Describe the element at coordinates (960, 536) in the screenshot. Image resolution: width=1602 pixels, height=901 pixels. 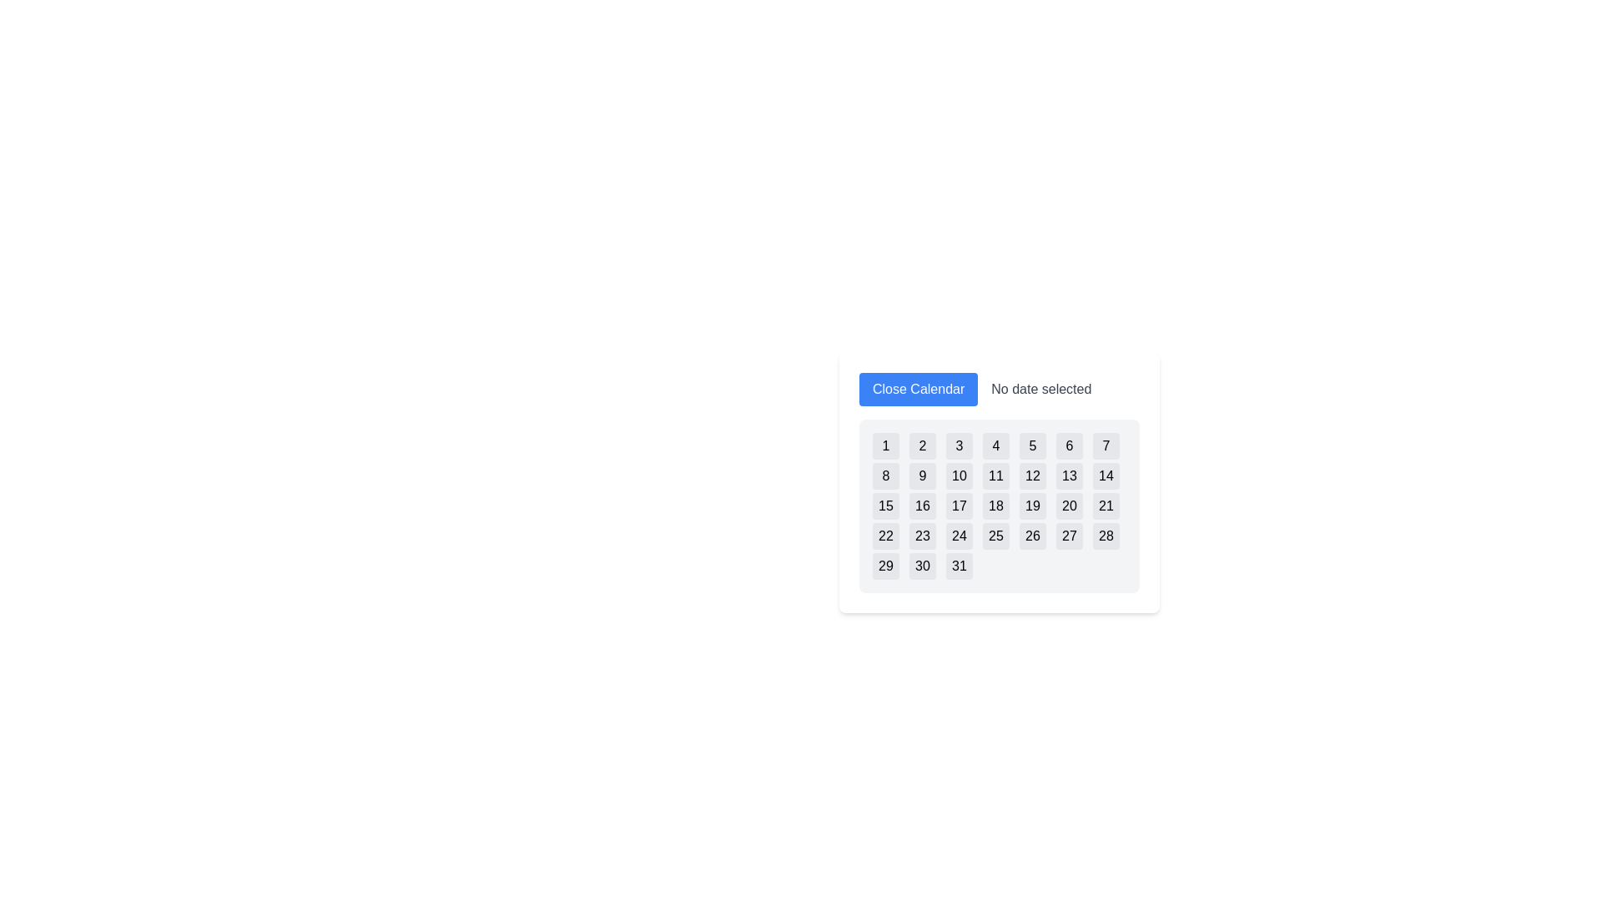
I see `the square-shaped button with the number '24' centered inside it` at that location.